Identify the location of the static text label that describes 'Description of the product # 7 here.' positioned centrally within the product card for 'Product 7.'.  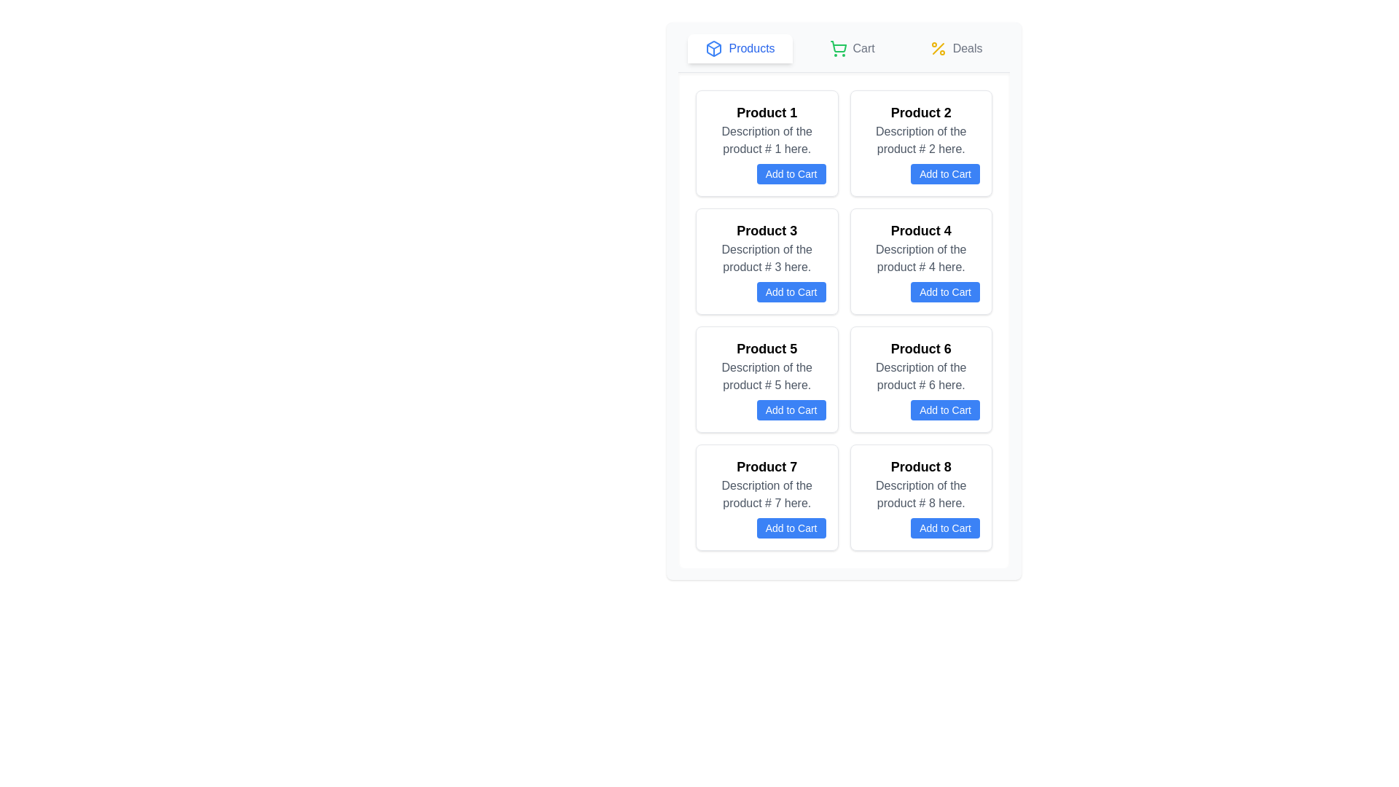
(766, 493).